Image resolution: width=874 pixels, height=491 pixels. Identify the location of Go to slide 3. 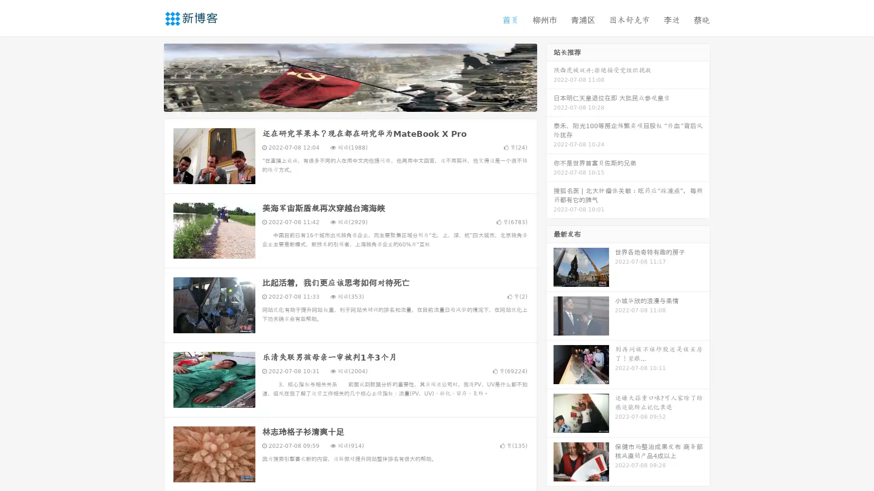
(359, 102).